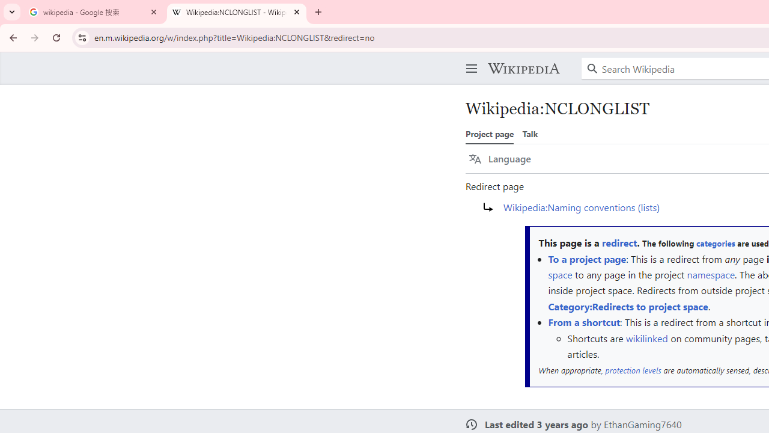 The image size is (769, 433). I want to click on 'redirect', so click(619, 242).